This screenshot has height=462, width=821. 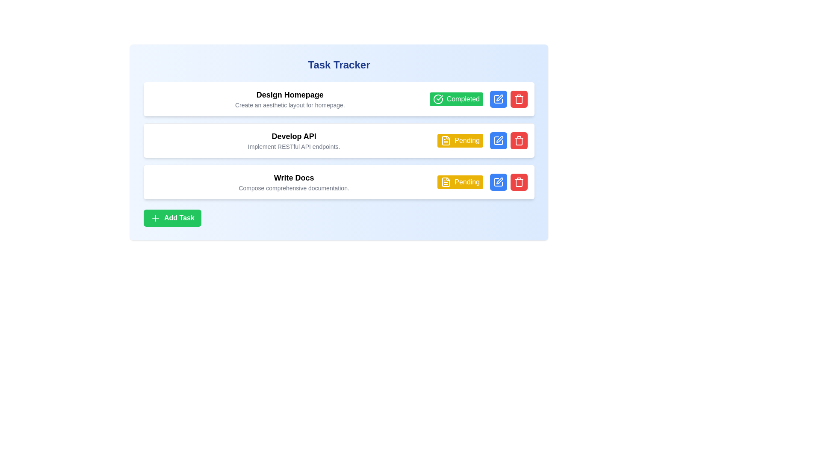 What do you see at coordinates (446, 181) in the screenshot?
I see `the document icon located in the 'Write Docs' row of the task tracker interface, positioned to the left of the 'Pending' status text` at bounding box center [446, 181].